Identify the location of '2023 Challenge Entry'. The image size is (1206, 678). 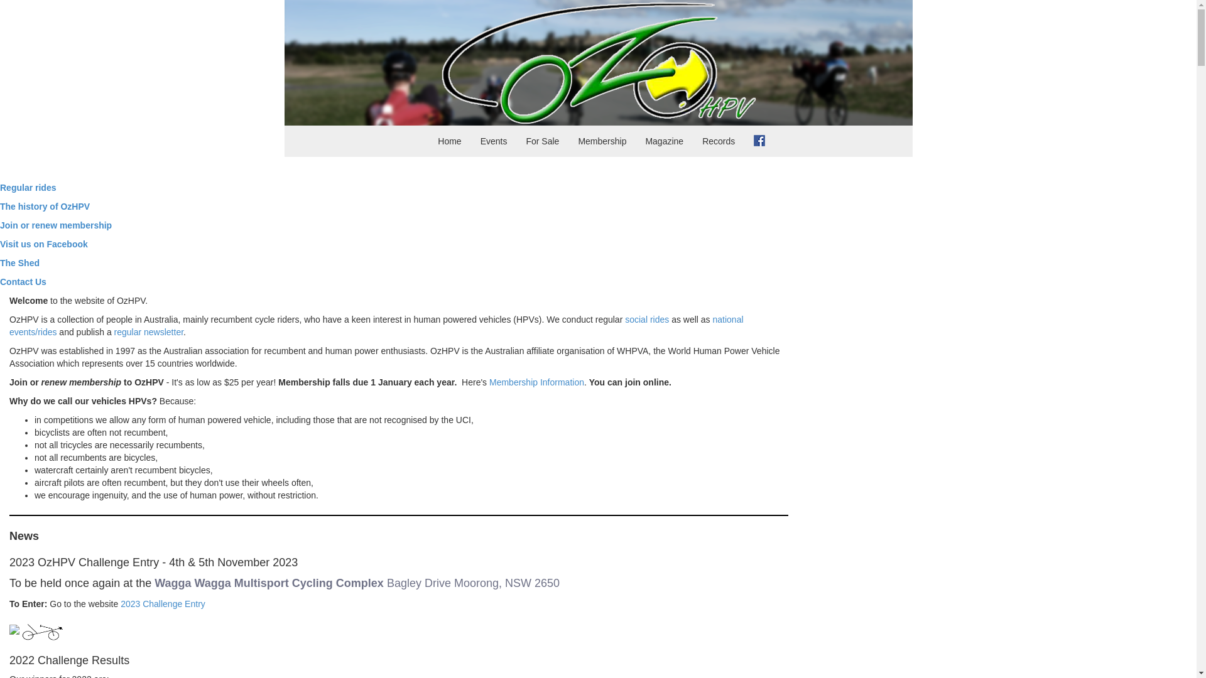
(162, 603).